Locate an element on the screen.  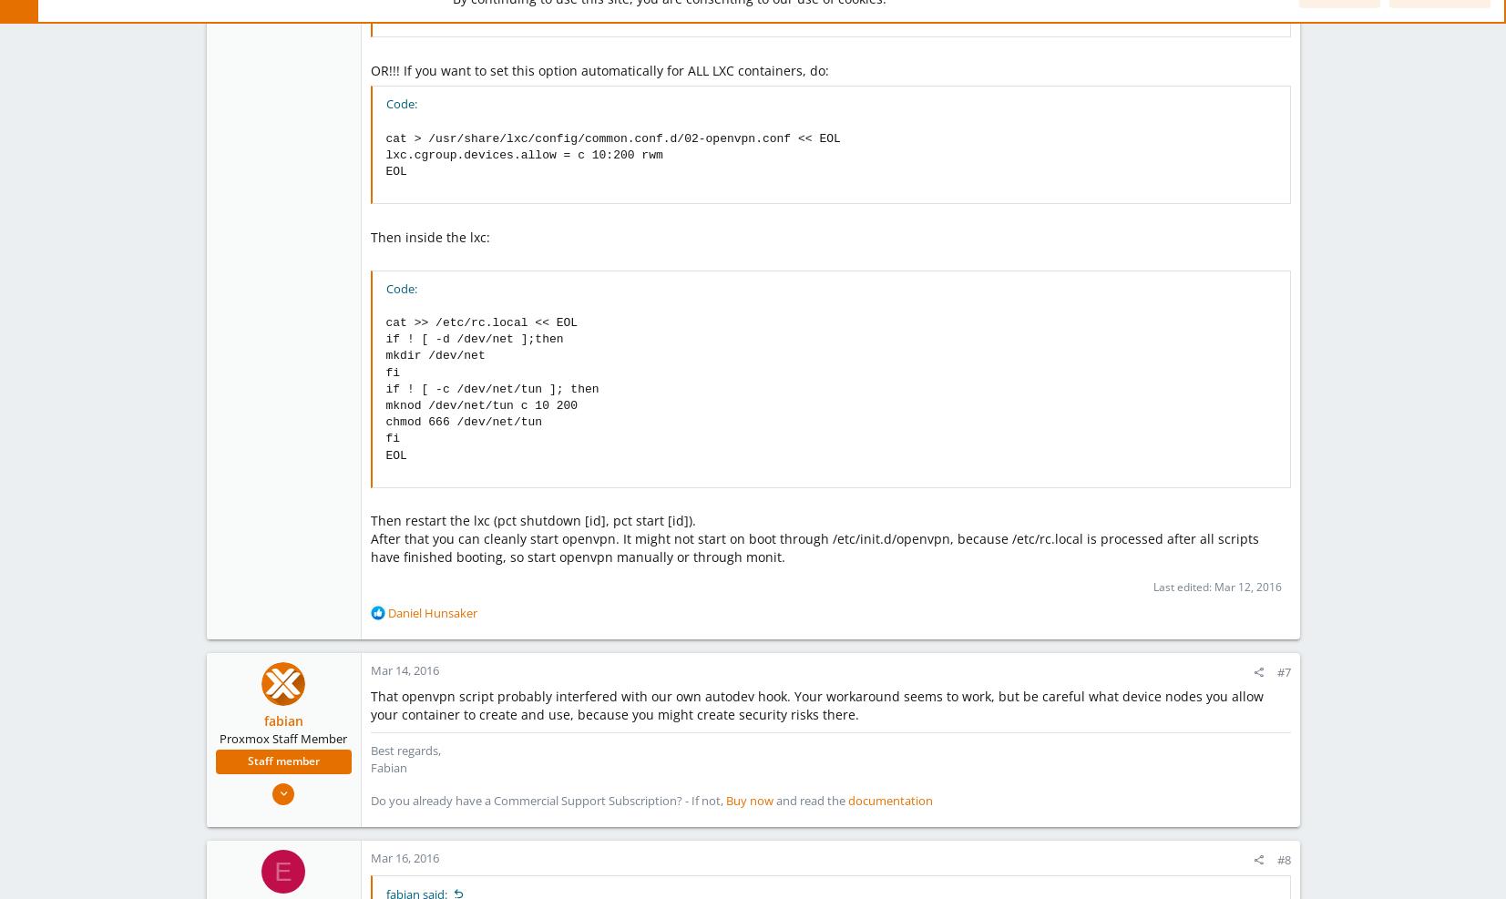
'Then inside the lxc:' is located at coordinates (428, 236).